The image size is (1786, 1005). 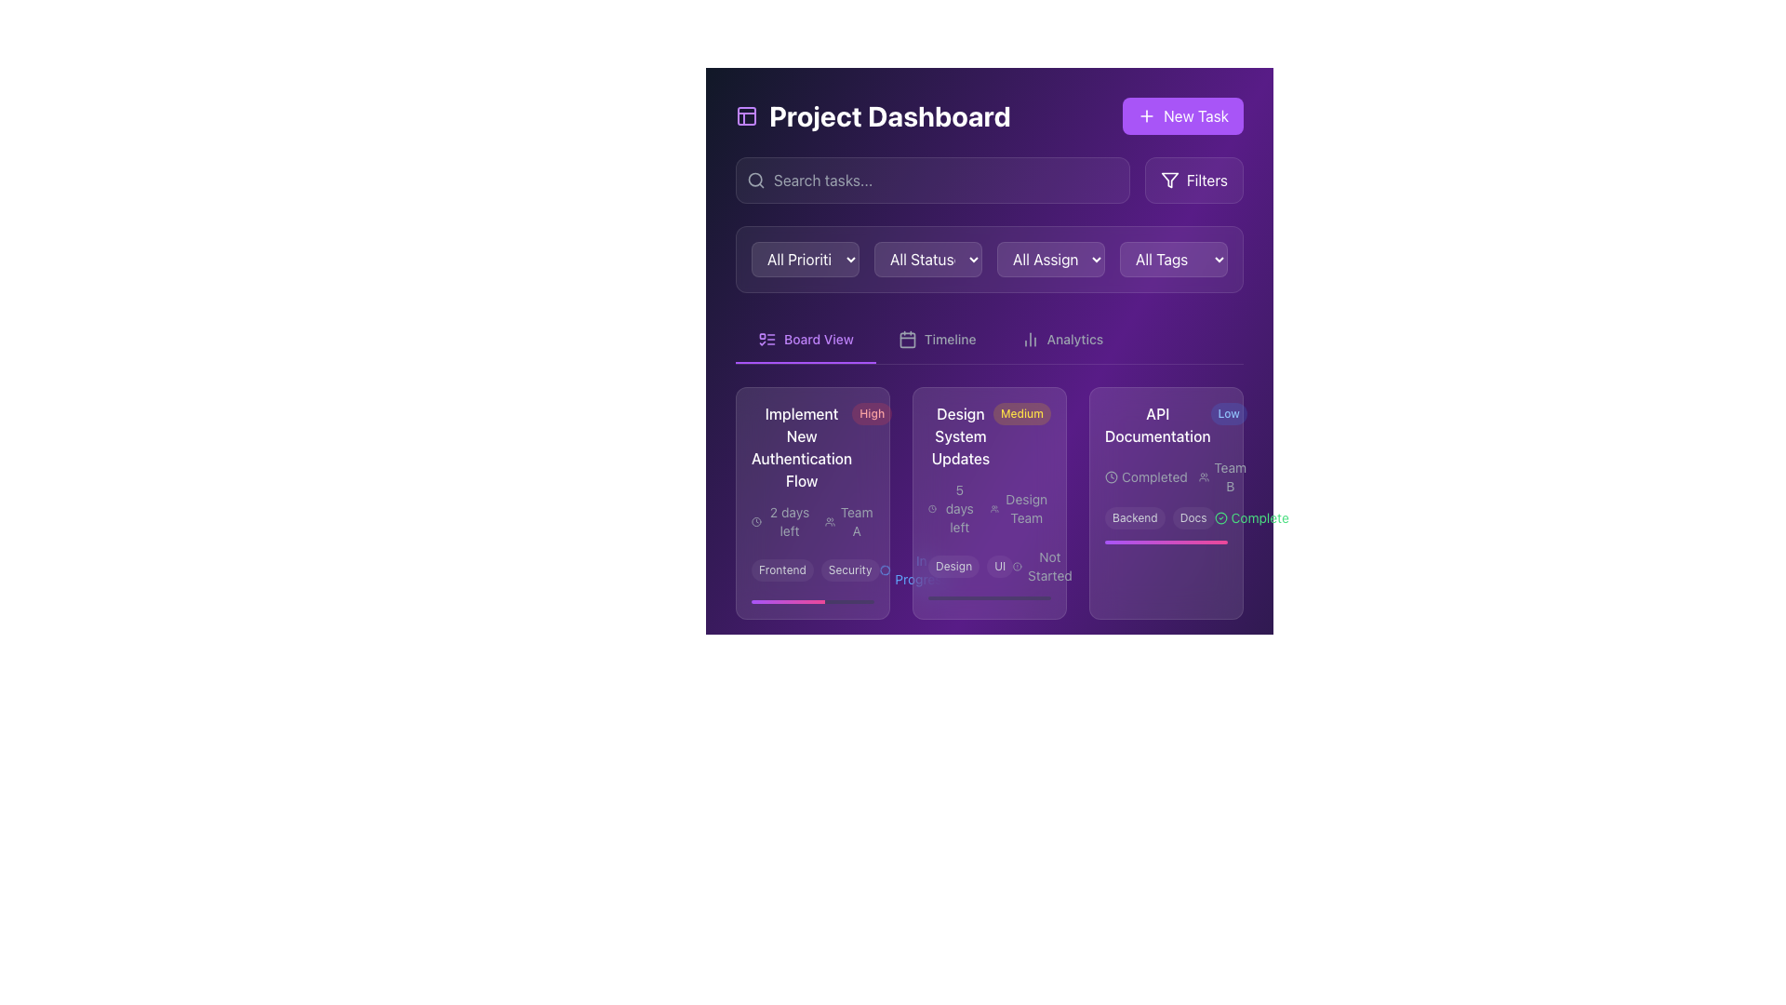 I want to click on the SVG Circle (Loading Indicator) within the 'Implement New Authentication Flow' task card, located near the bottom left corner adjacent to the 'Security' tag label, so click(x=884, y=569).